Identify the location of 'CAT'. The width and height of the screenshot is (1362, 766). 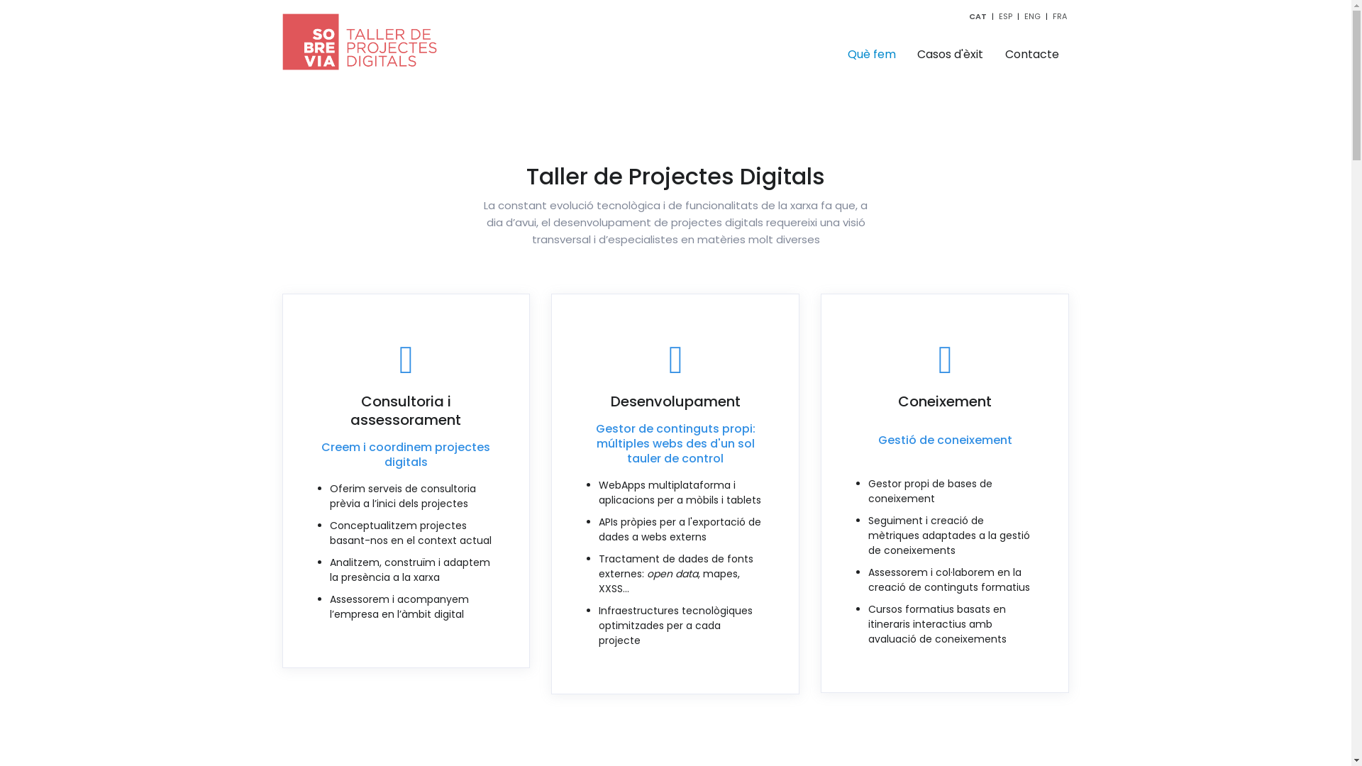
(968, 16).